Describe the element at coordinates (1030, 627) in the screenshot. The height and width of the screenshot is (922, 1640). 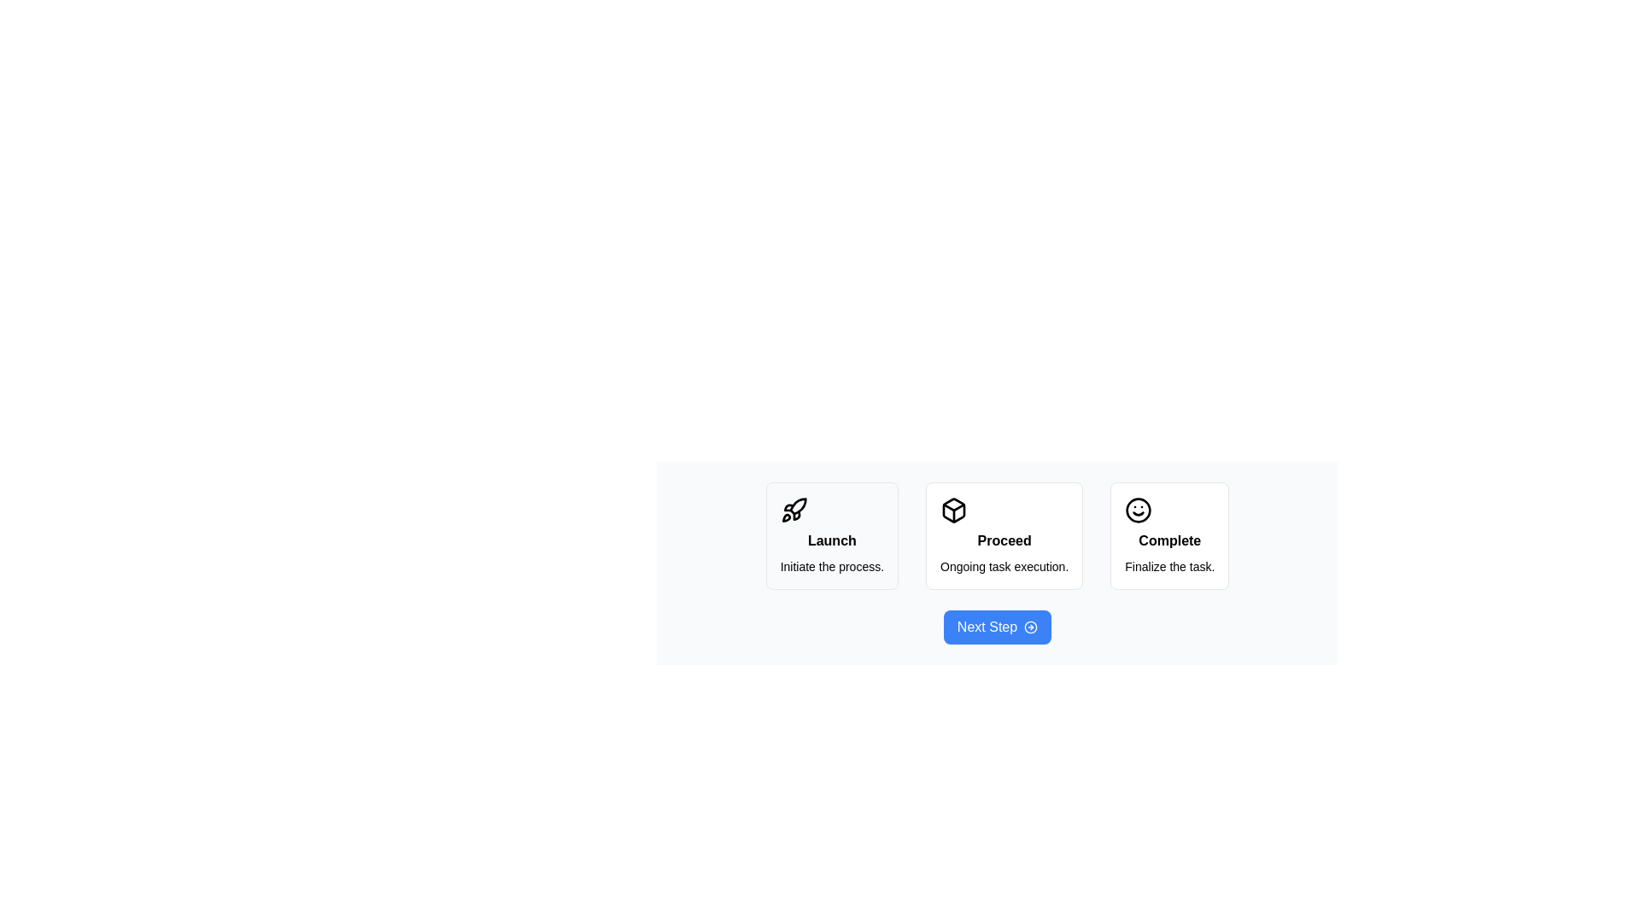
I see `the circular icon featuring a right-pointing arrow, which is located to the right of the 'Next Step' label within a blue button area` at that location.